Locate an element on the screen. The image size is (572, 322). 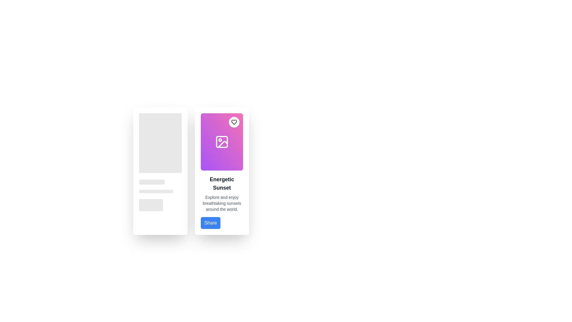
the Skeleton loading placeholder, which is a light gray, rounded rectangular element located in the leftmost card, second from the top in a vertical stack of placeholders is located at coordinates (160, 181).